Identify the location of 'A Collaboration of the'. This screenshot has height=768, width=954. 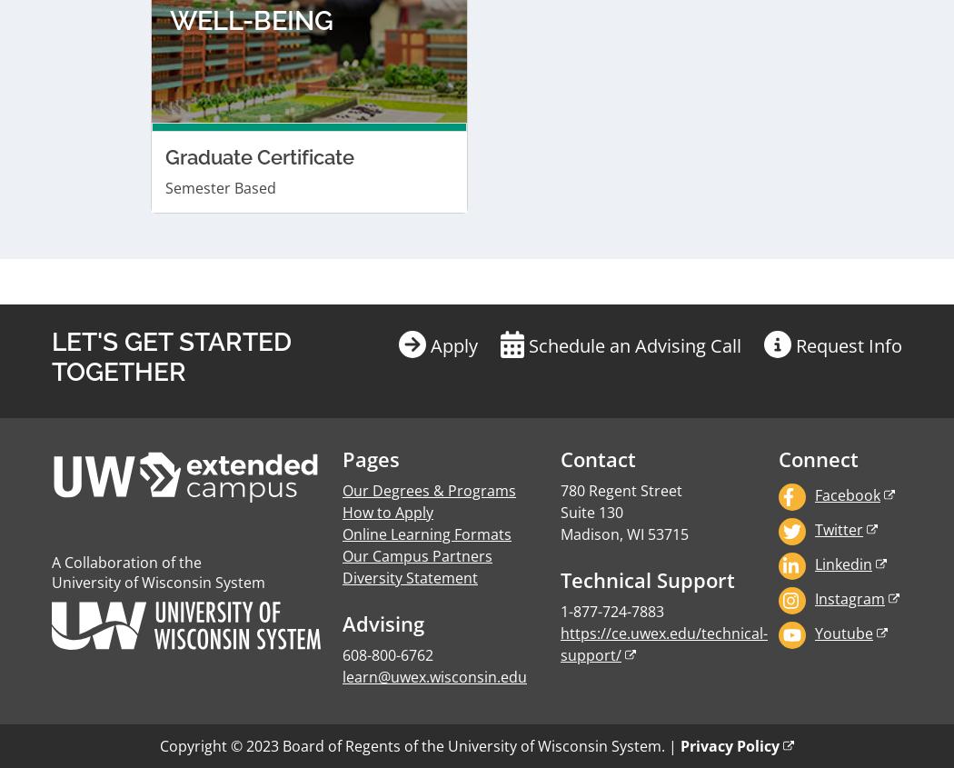
(125, 105).